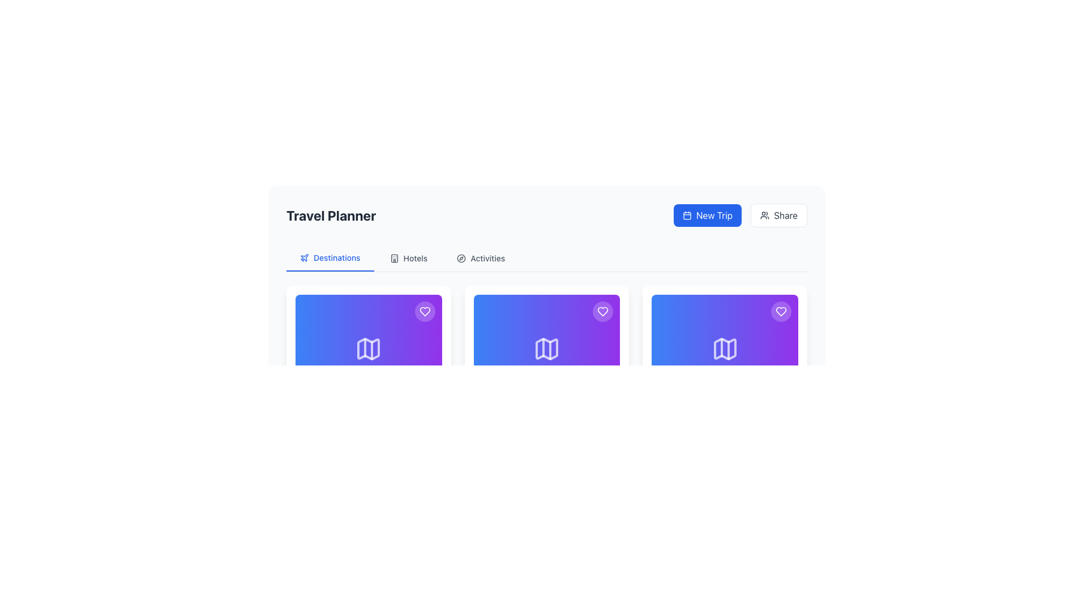  I want to click on header text of the travel planning section, which is located on the left side of the top section of the interface, before the 'New Trip' button, so click(331, 216).